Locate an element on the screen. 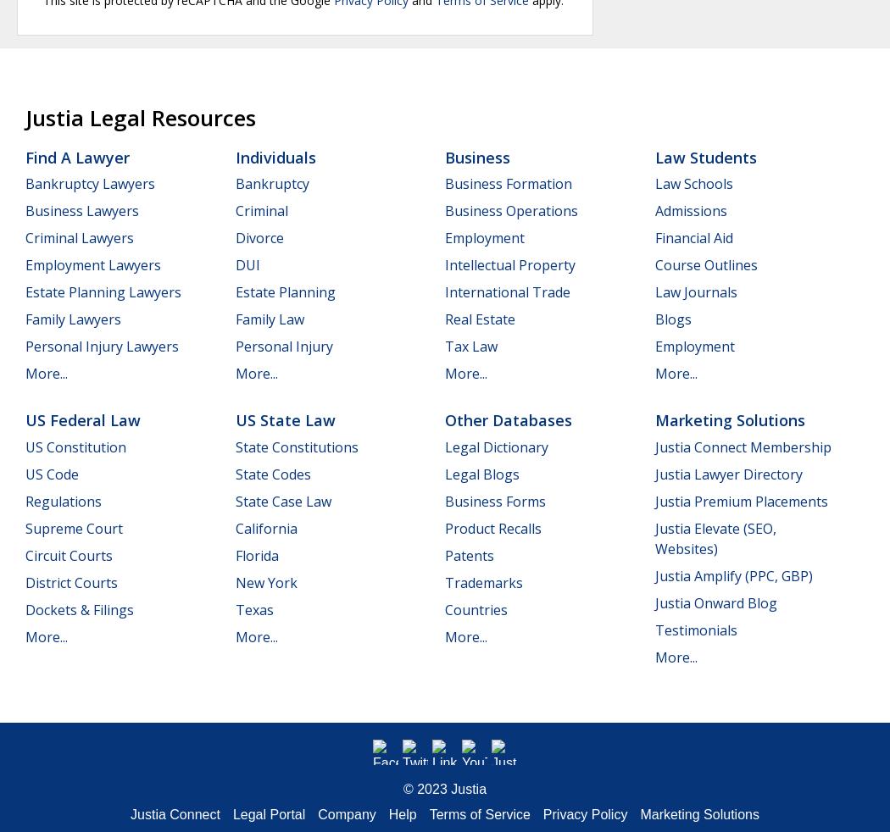  'Real Estate' is located at coordinates (479, 319).